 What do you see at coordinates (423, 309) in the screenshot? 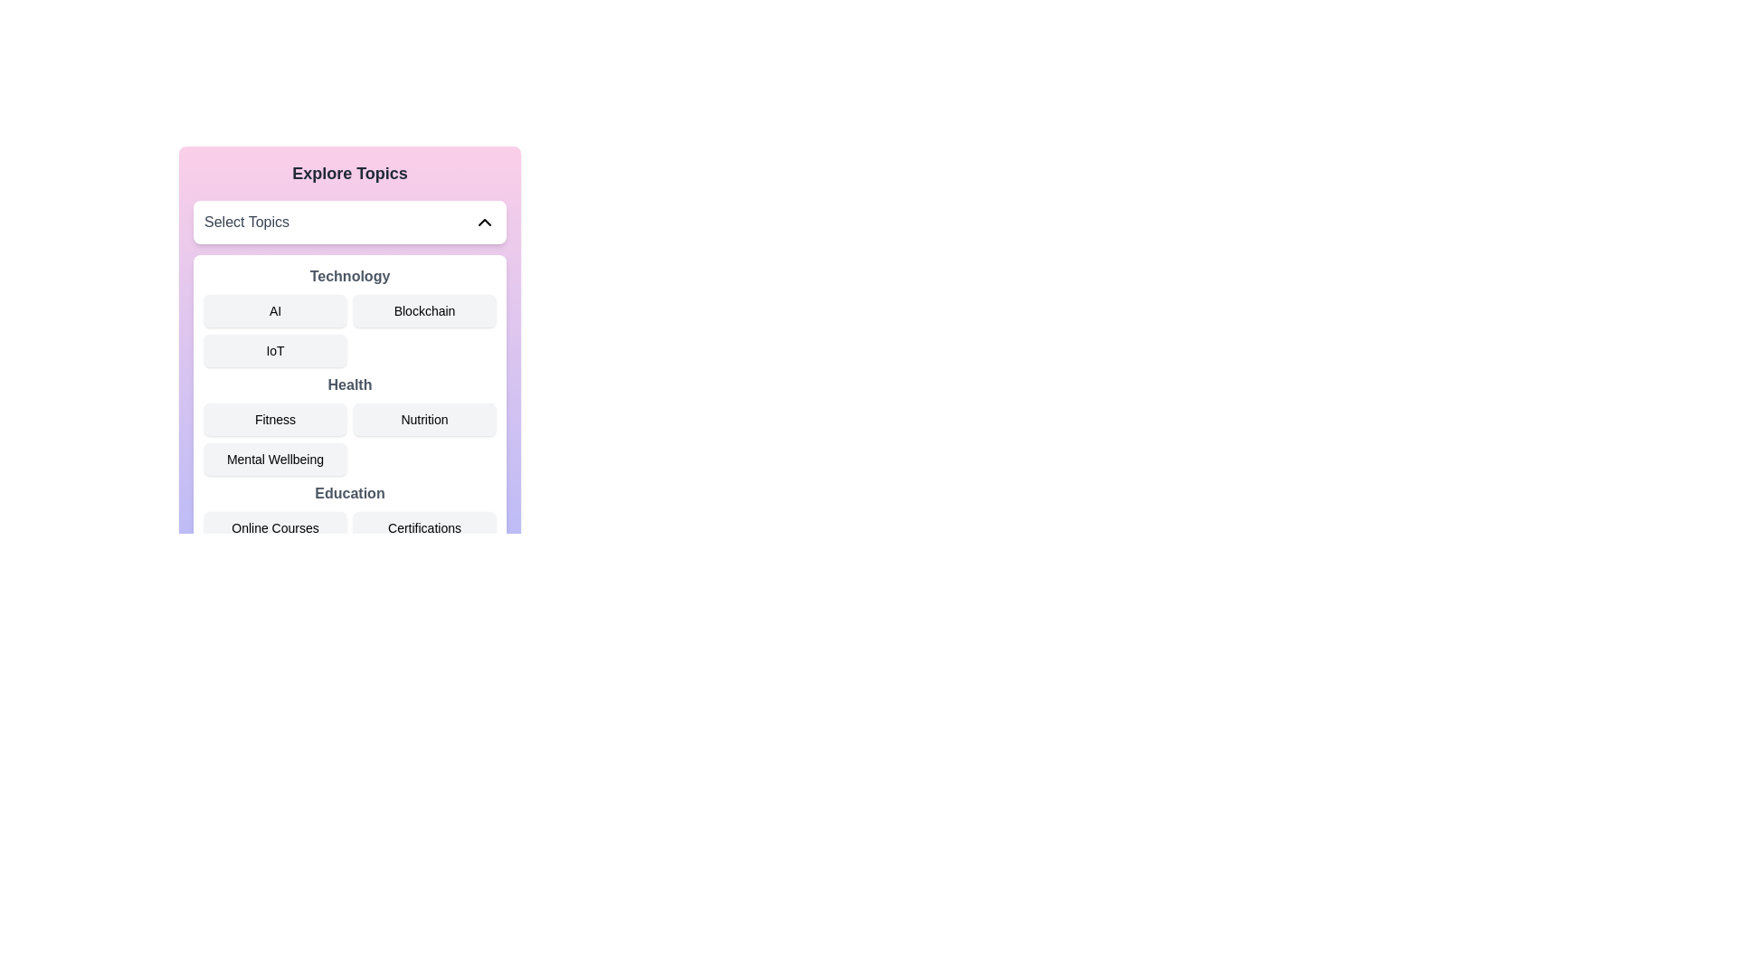
I see `the 'Blockchain' button, which is the second button under the 'Technology' subheading` at bounding box center [423, 309].